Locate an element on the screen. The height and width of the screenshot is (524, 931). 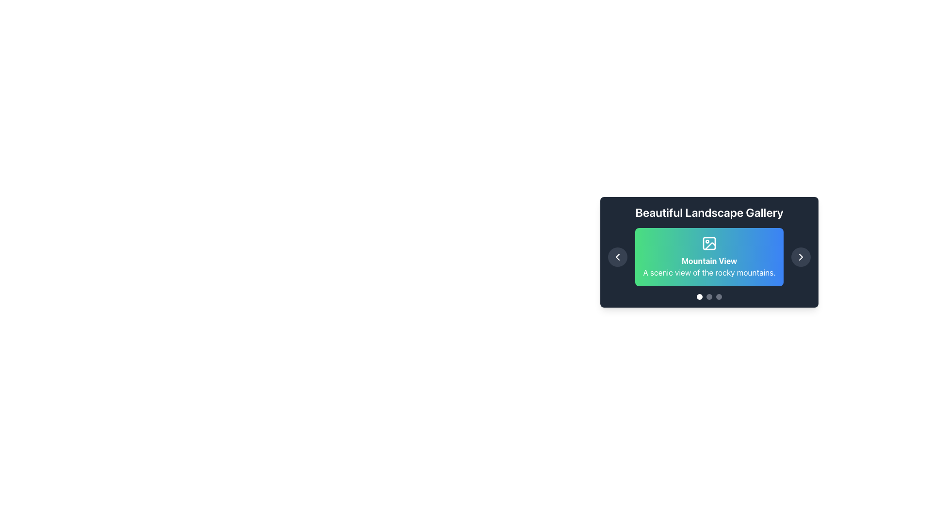
the second circular button with a gray background located at the bottom-center of the 'Beautiful Landscape Gallery' card is located at coordinates (709, 296).